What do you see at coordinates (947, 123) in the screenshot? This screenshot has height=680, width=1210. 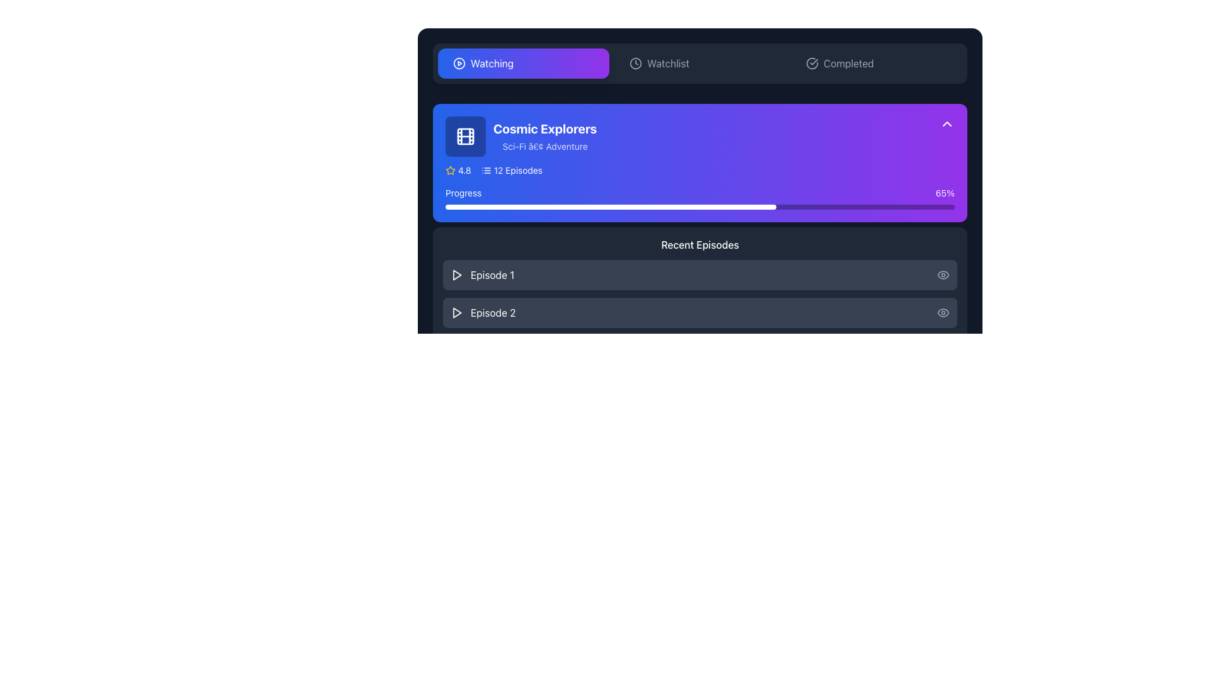 I see `the chevron button icon pointing upwards, styled in white, located in the upper right corner of the purple panel under the title 'Cosmic Explorers'` at bounding box center [947, 123].